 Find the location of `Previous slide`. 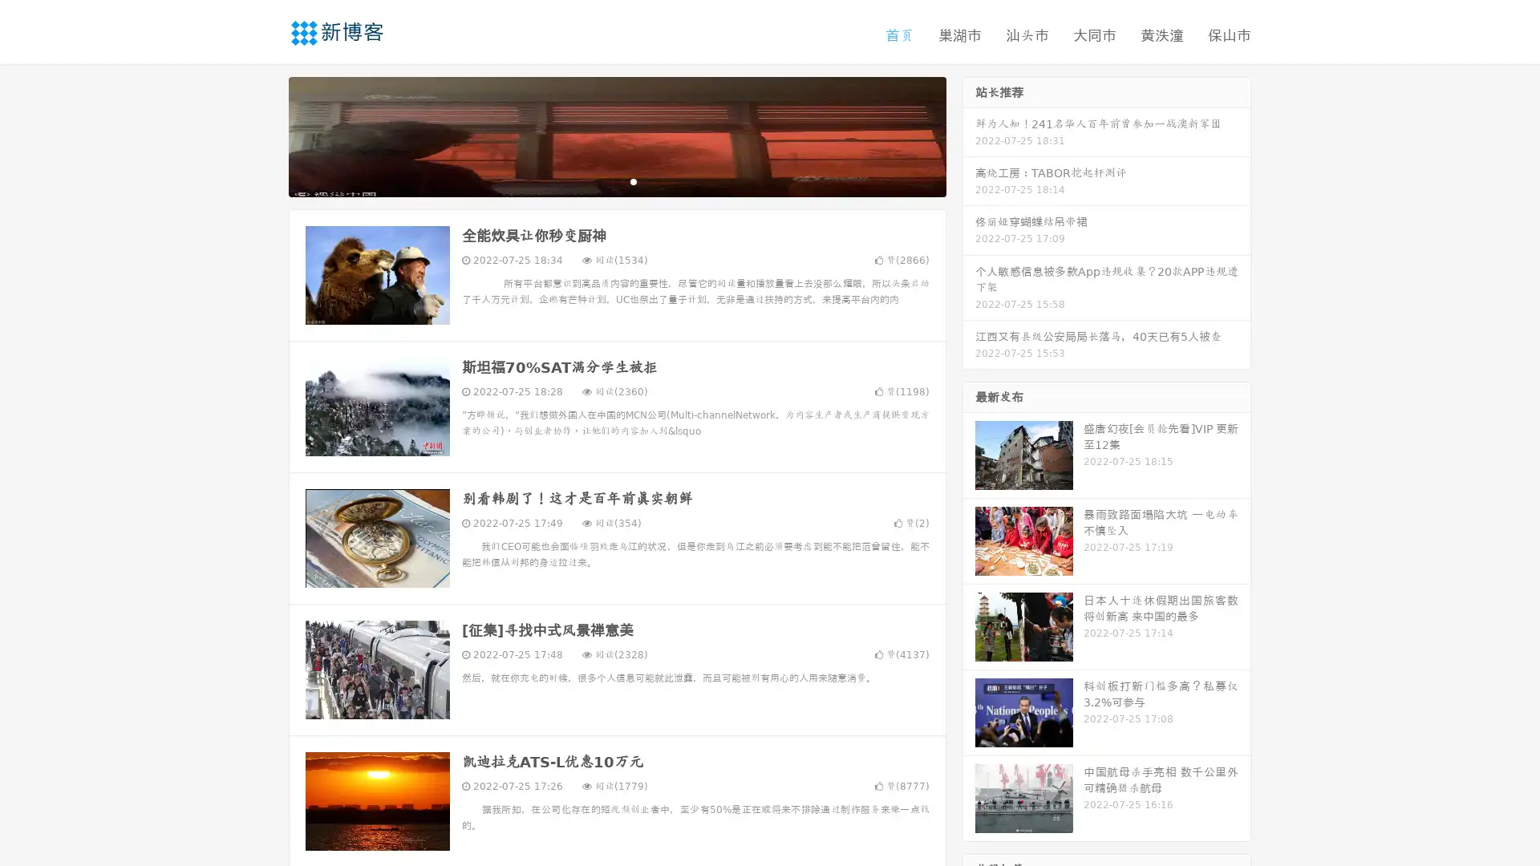

Previous slide is located at coordinates (265, 135).